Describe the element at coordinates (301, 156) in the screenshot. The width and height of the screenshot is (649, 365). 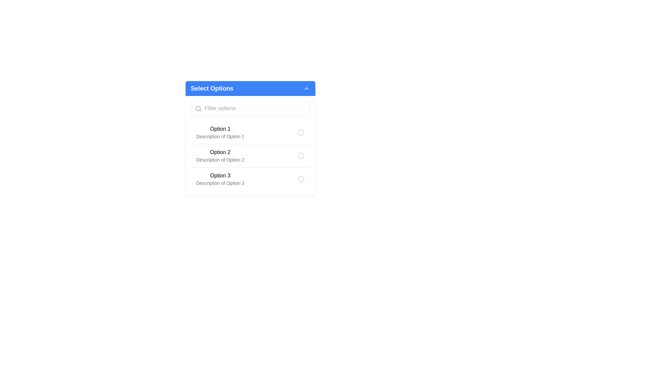
I see `the circular radio button indicator located in the second option of the dropdown menu` at that location.